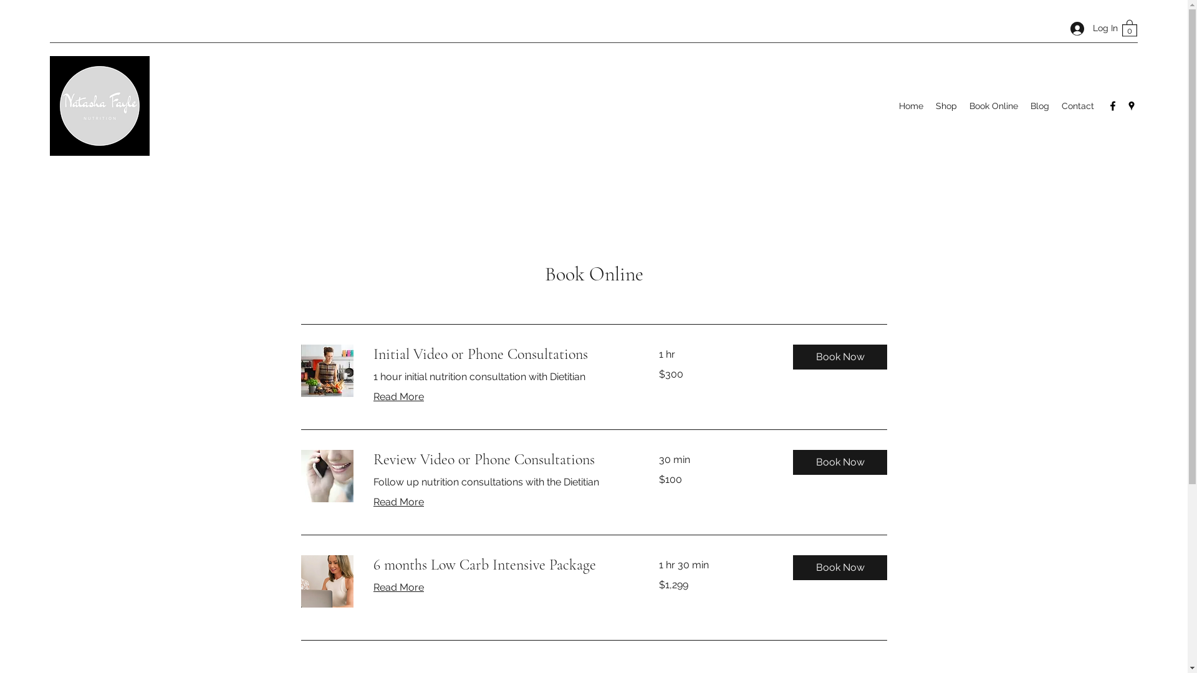 The height and width of the screenshot is (673, 1197). What do you see at coordinates (840, 462) in the screenshot?
I see `'Book Now'` at bounding box center [840, 462].